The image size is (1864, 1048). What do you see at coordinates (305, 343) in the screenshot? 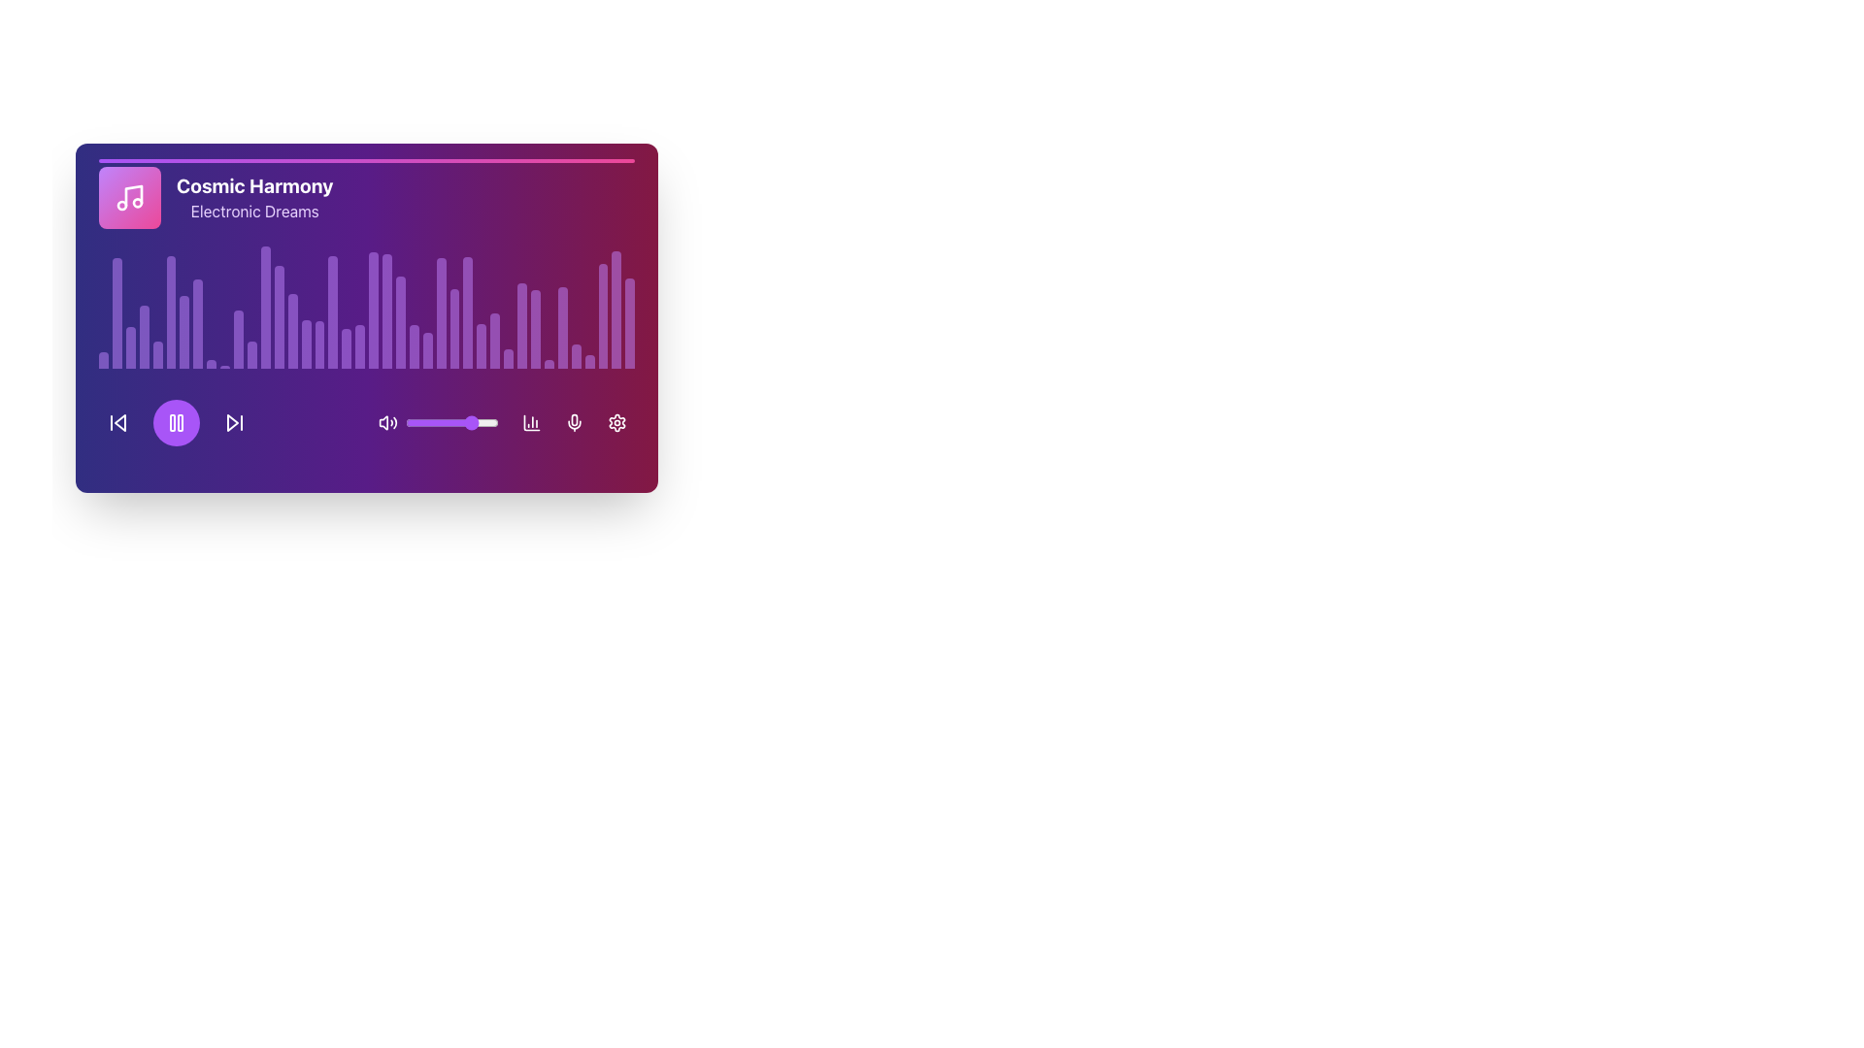
I see `the height or animation of the 16th bar in the graphical representation, which is part of a histogram or waveform display` at bounding box center [305, 343].